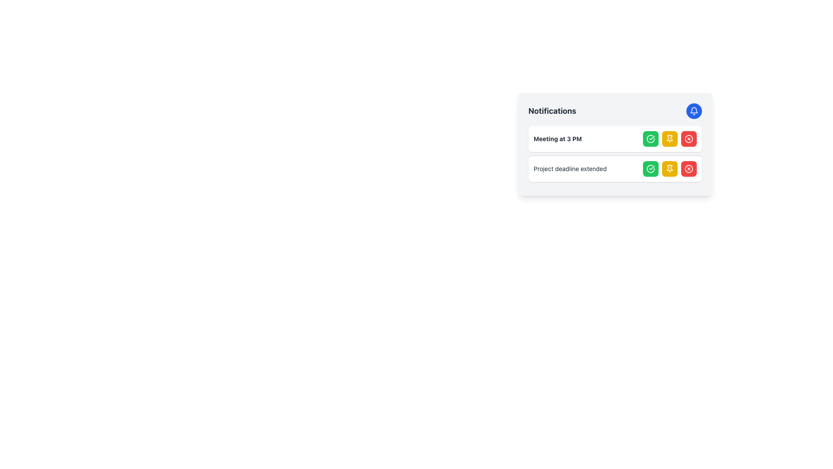  I want to click on the leftmost icon in the row of three buttons positioned to the right of the notification entry labeled 'Meeting at 3 PM', so click(650, 138).